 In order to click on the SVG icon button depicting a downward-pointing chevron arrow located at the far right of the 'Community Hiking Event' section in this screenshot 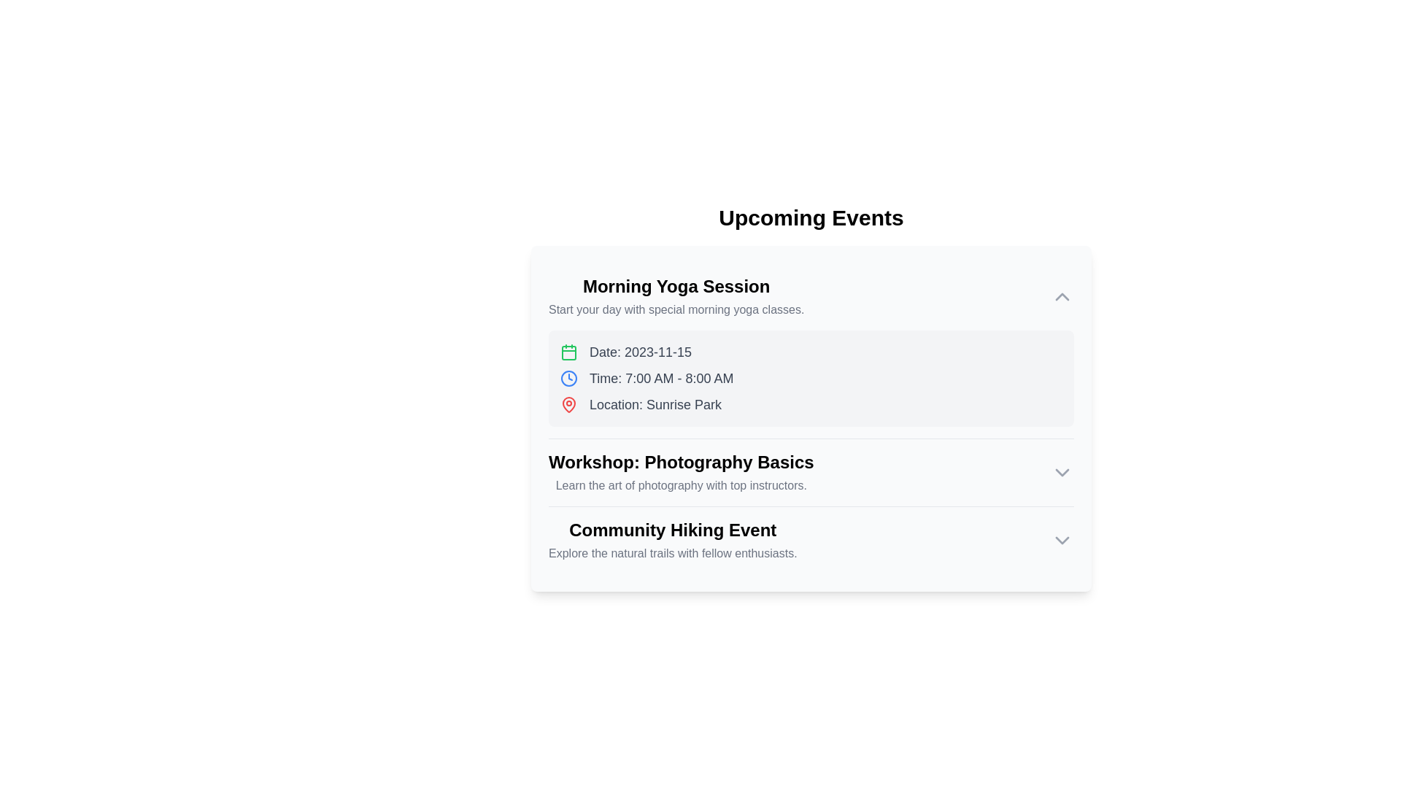, I will do `click(1062, 540)`.